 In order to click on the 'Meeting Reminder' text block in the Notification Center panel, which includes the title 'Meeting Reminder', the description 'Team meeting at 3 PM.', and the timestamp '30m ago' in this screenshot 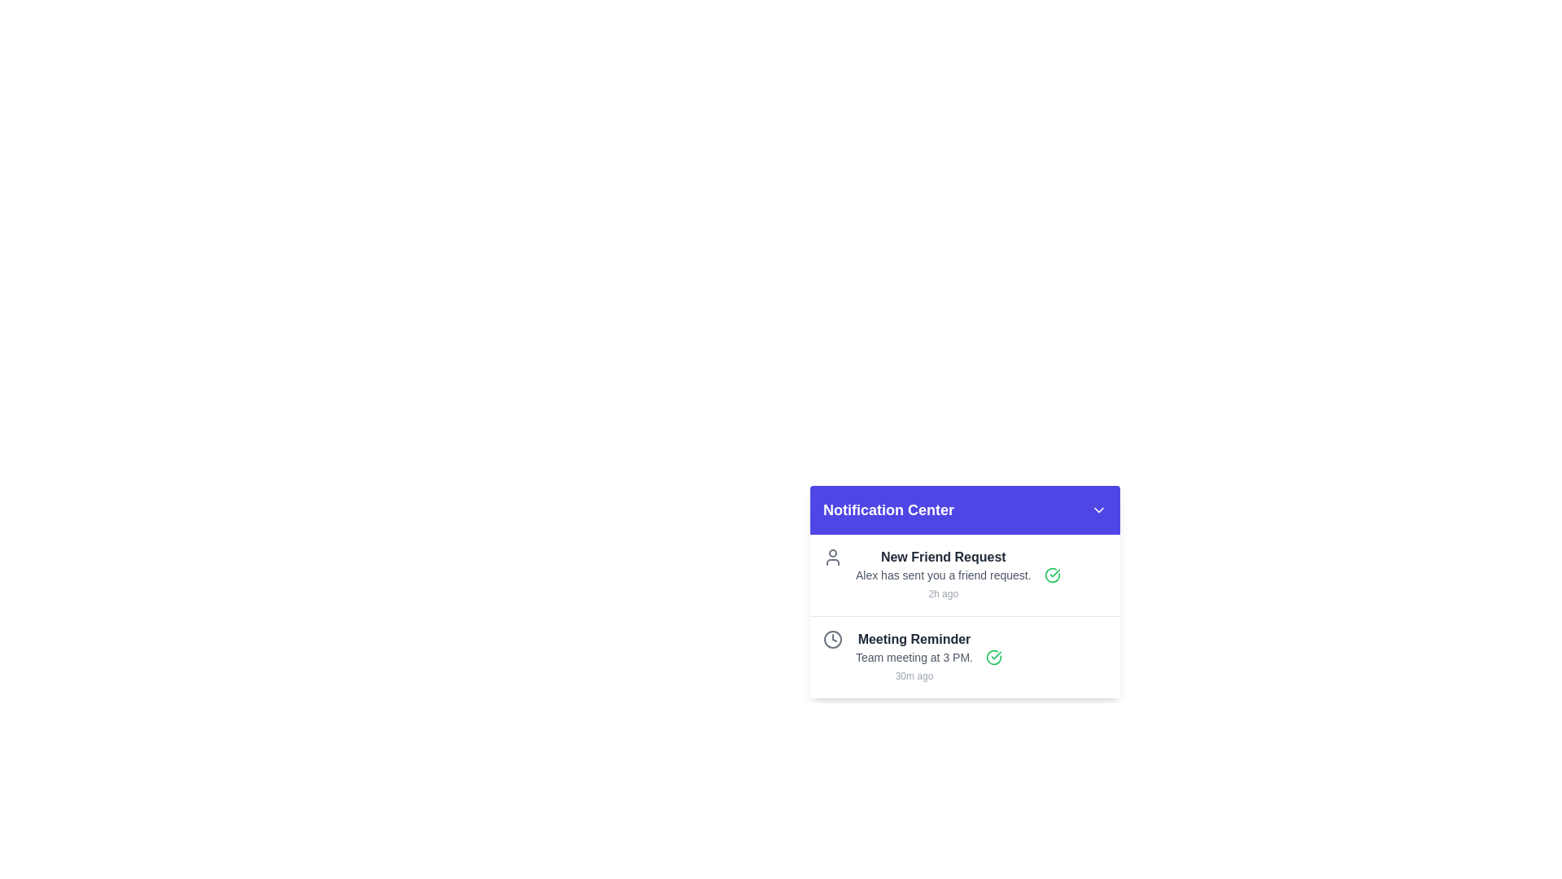, I will do `click(914, 656)`.